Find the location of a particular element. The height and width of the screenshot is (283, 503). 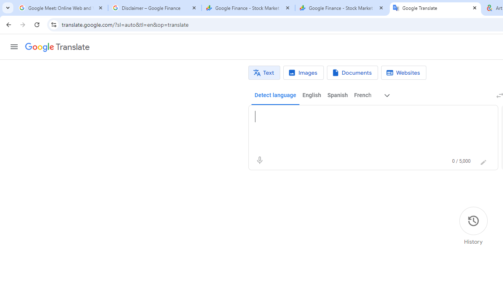

'Detect language' is located at coordinates (275, 95).